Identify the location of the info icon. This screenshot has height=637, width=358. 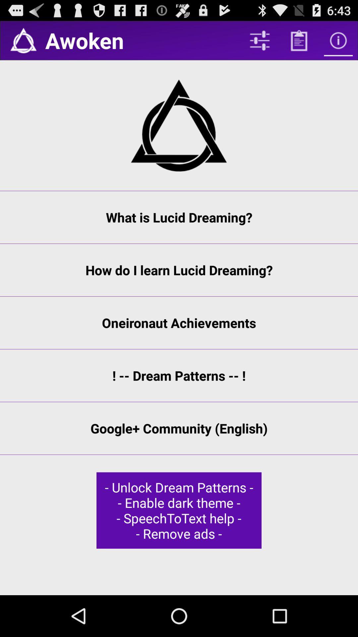
(338, 43).